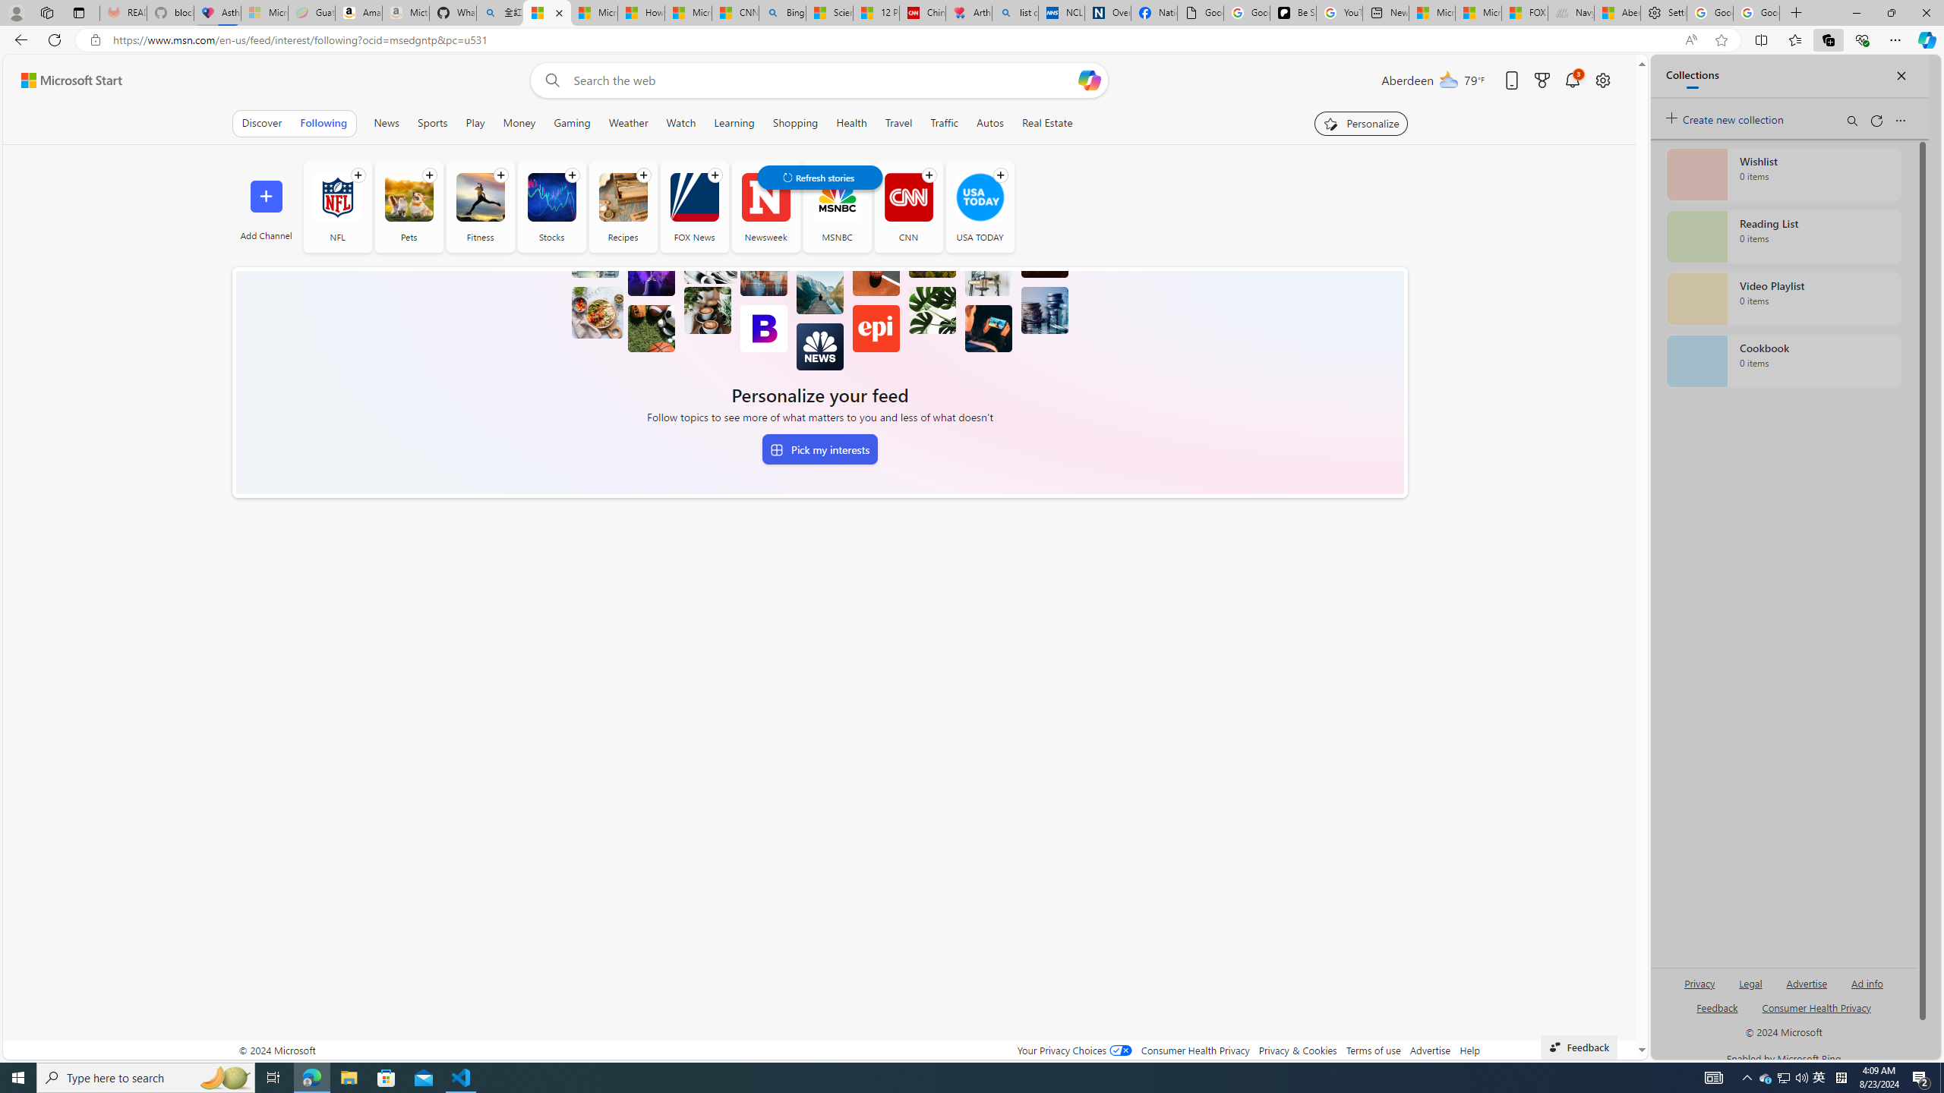  I want to click on 'Travel', so click(898, 122).